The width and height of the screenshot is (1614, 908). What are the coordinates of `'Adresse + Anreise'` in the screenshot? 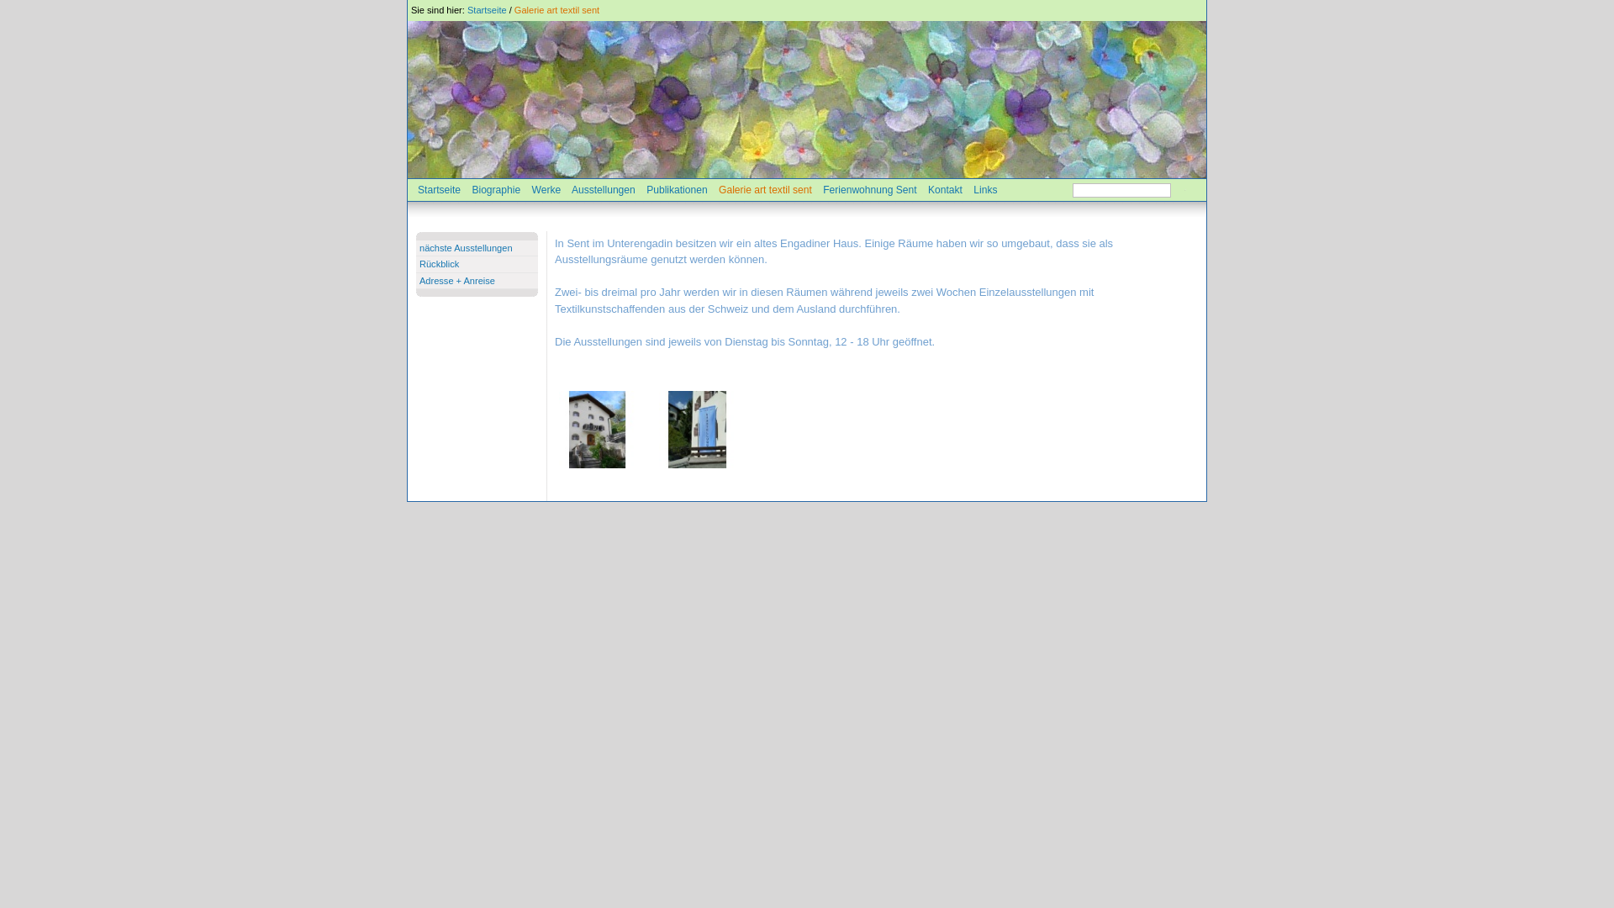 It's located at (456, 280).